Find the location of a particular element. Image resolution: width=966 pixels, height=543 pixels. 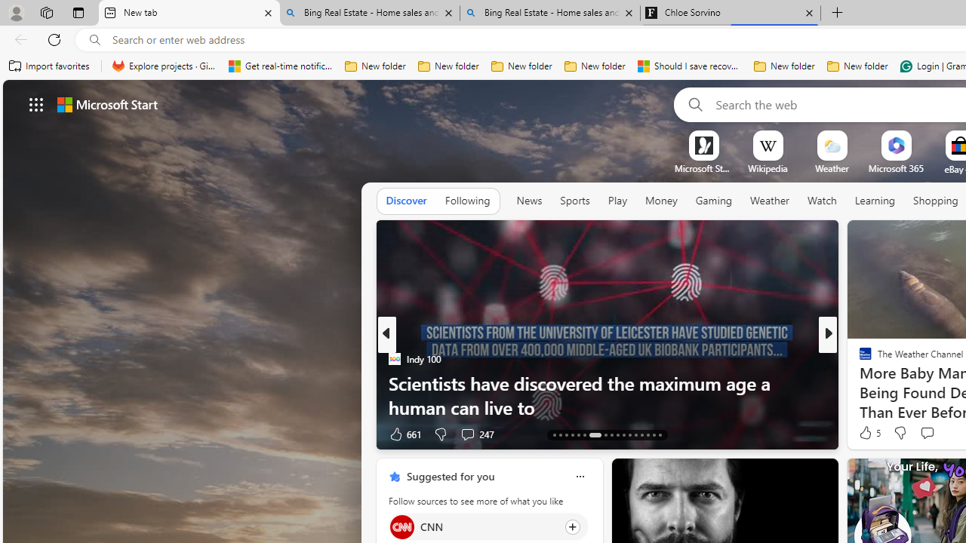

'AutomationID: tab-18' is located at coordinates (584, 435).